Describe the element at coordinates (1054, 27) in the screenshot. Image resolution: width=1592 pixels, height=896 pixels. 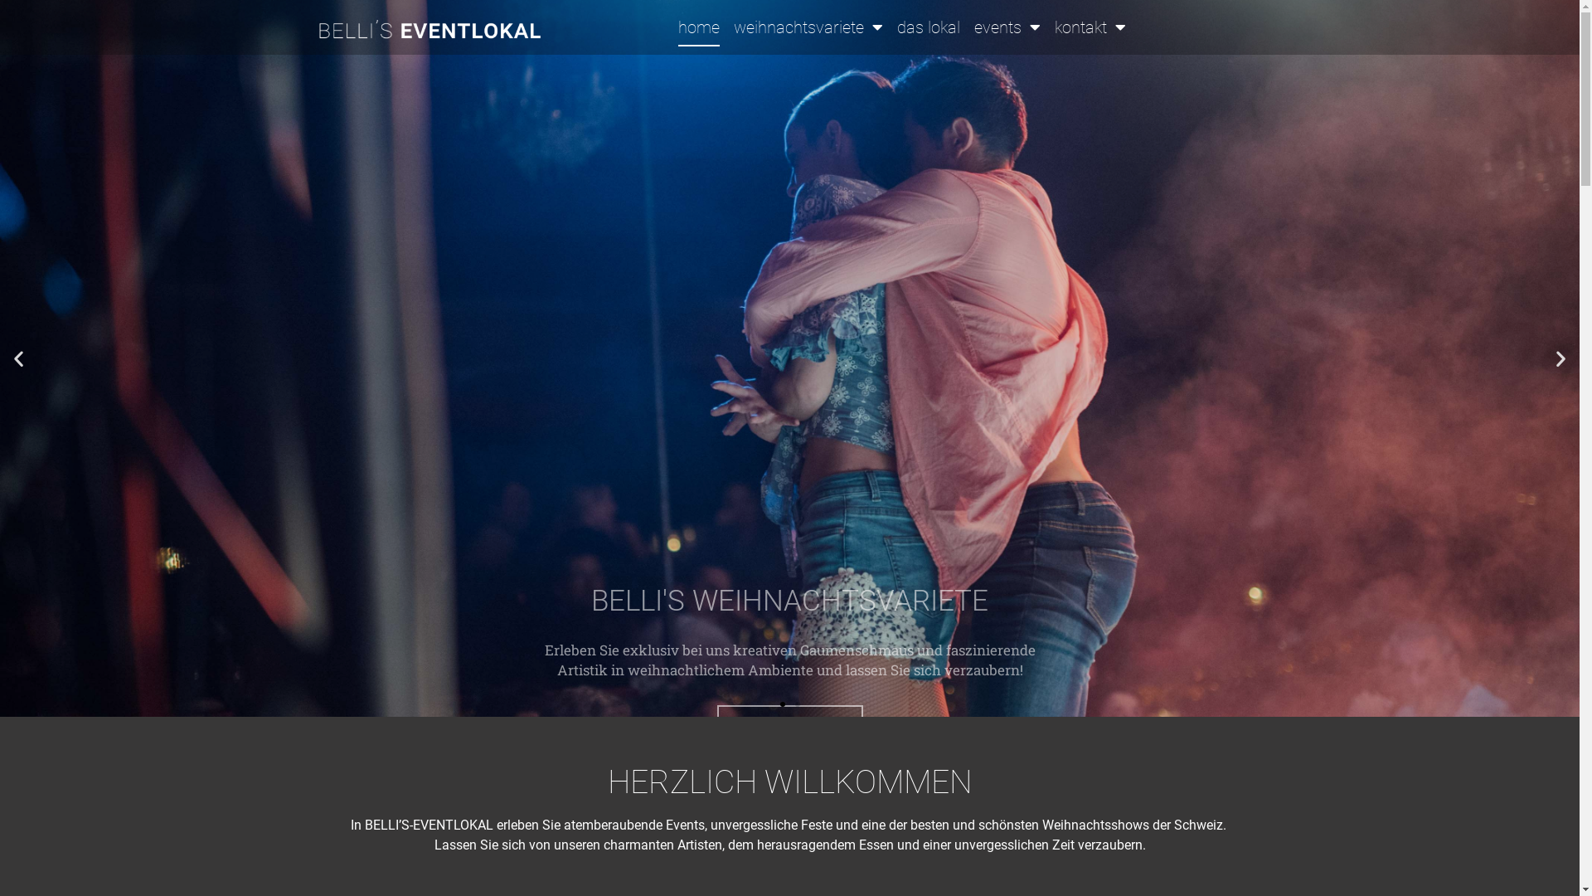
I see `'kontakt'` at that location.